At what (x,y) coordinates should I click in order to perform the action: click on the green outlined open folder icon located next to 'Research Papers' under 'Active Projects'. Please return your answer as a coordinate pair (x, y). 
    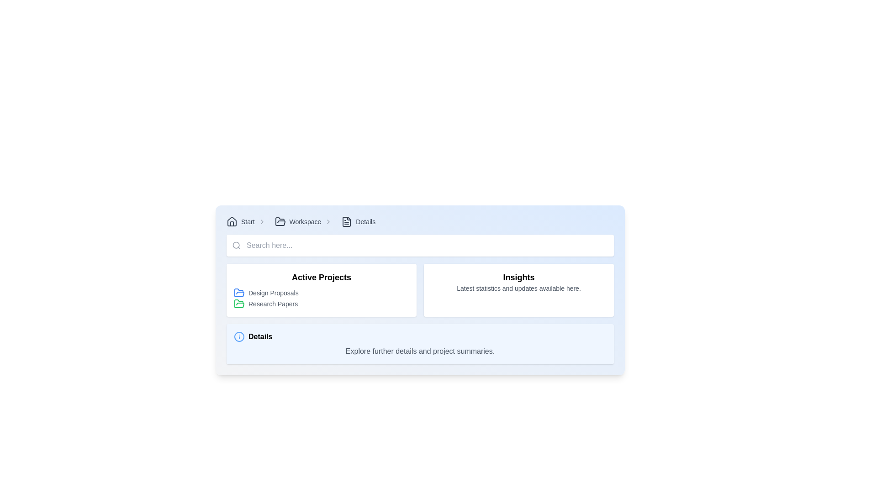
    Looking at the image, I should click on (239, 304).